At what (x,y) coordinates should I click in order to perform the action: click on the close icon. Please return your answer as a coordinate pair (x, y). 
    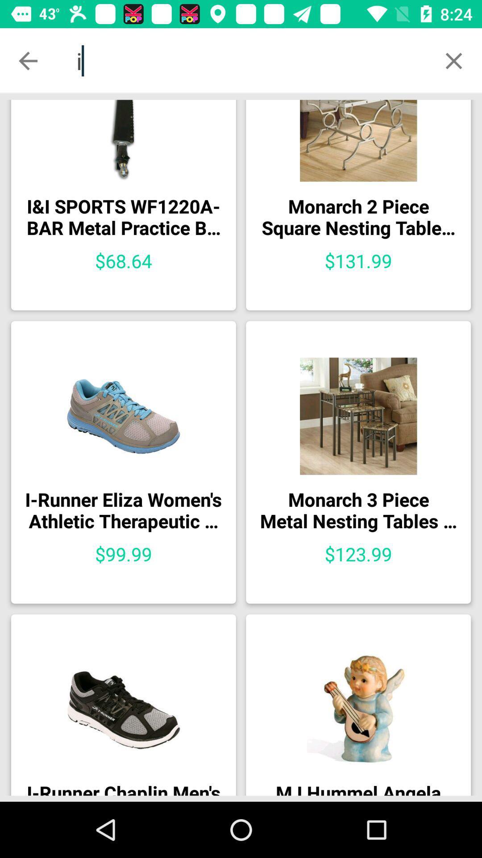
    Looking at the image, I should click on (454, 60).